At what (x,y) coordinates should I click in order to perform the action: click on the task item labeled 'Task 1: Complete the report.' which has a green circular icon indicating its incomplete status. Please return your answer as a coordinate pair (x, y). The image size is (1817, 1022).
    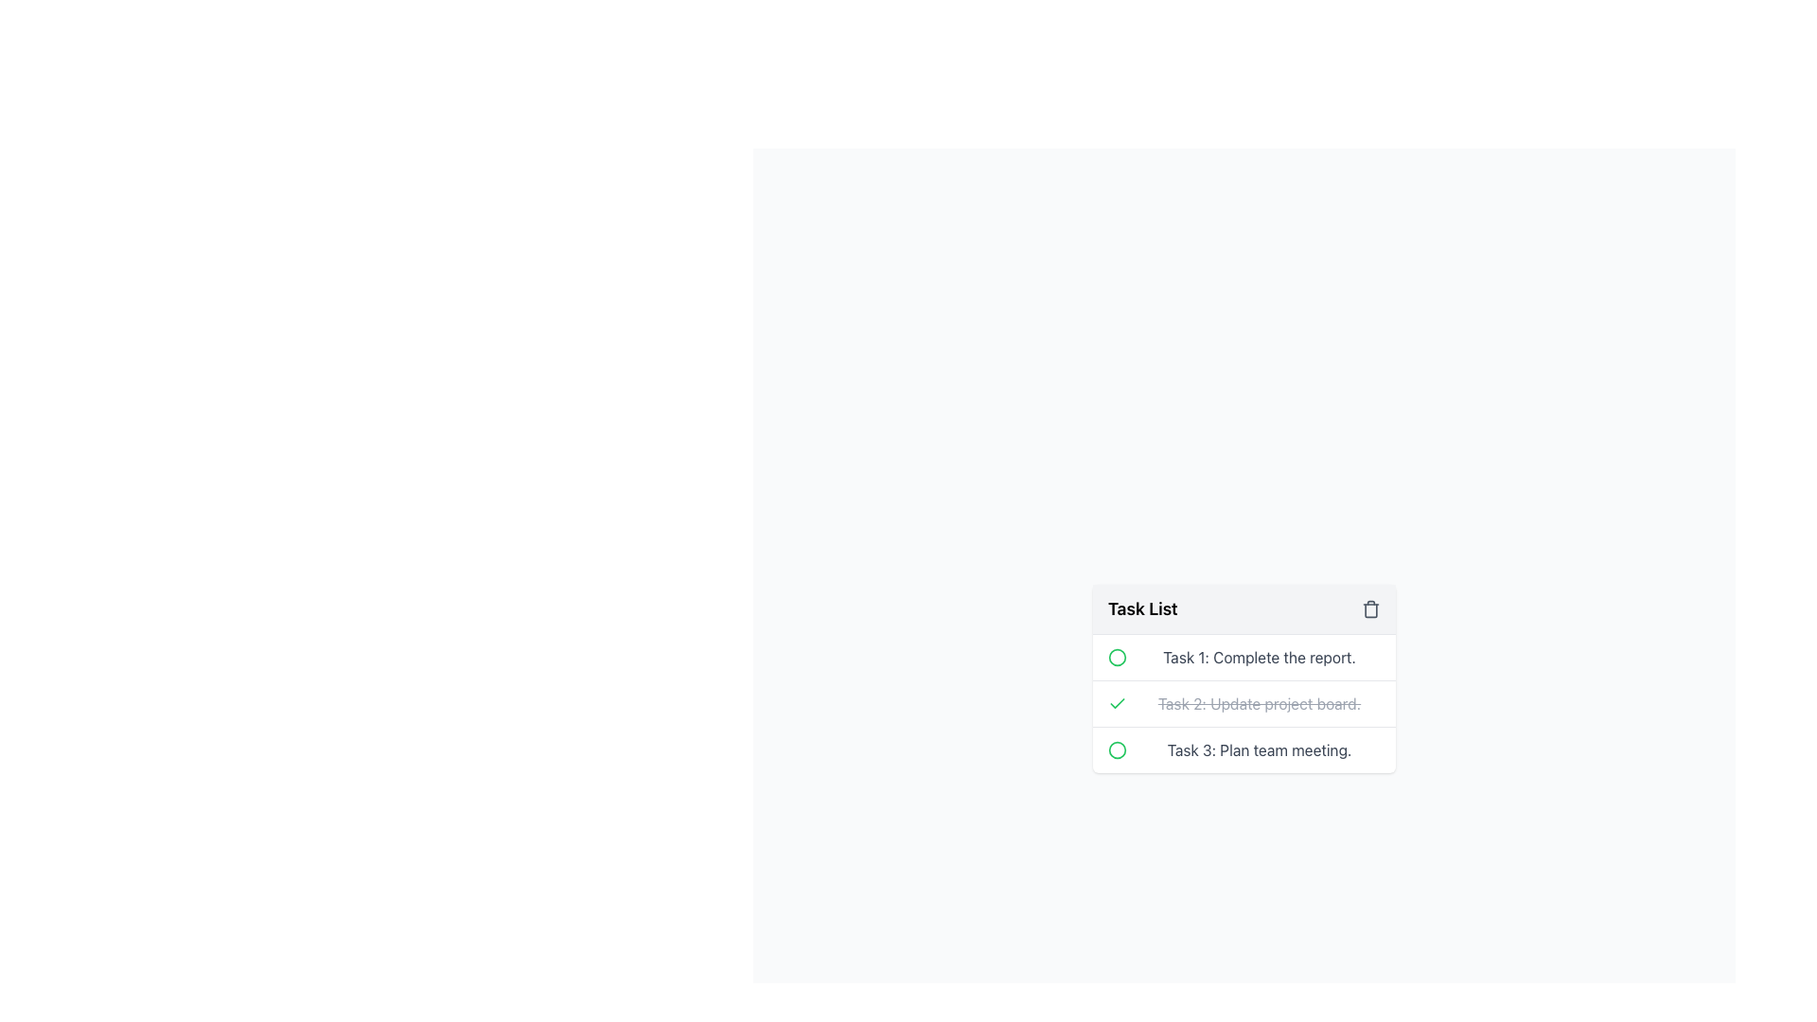
    Looking at the image, I should click on (1244, 656).